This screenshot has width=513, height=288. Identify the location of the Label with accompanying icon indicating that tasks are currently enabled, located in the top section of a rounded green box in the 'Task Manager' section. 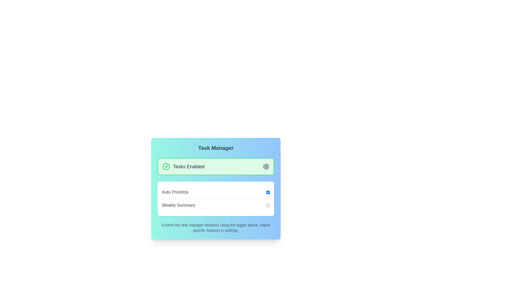
(183, 166).